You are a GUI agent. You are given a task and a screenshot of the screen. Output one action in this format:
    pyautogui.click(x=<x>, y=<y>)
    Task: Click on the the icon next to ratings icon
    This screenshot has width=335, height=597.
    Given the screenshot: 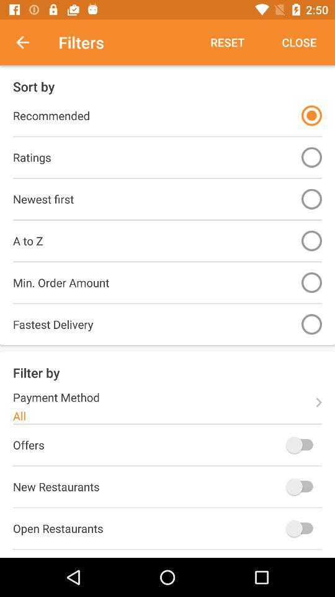 What is the action you would take?
    pyautogui.click(x=311, y=157)
    